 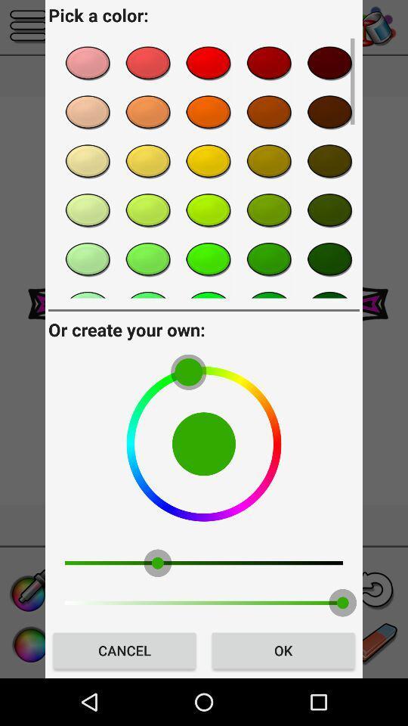 I want to click on icon at the bottom left corner, so click(x=124, y=650).